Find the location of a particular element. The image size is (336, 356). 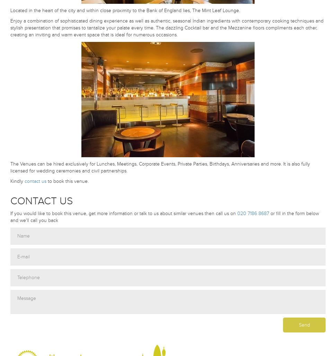

'Located in the heart of the city and within close proximity to the Bank of England lies, The Mint Leaf Lounge.' is located at coordinates (10, 10).